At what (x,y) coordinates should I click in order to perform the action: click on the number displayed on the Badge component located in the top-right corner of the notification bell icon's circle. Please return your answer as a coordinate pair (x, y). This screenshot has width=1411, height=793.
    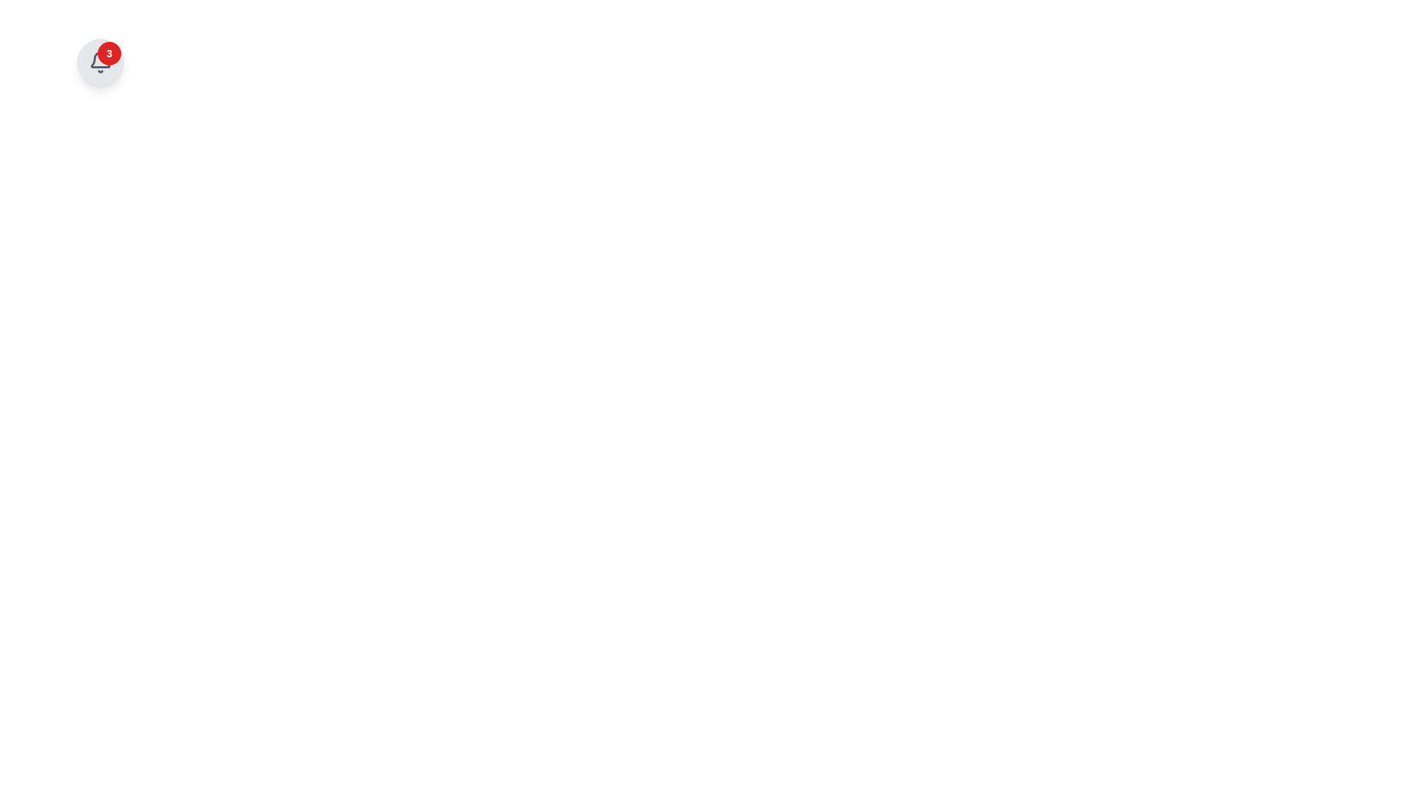
    Looking at the image, I should click on (108, 53).